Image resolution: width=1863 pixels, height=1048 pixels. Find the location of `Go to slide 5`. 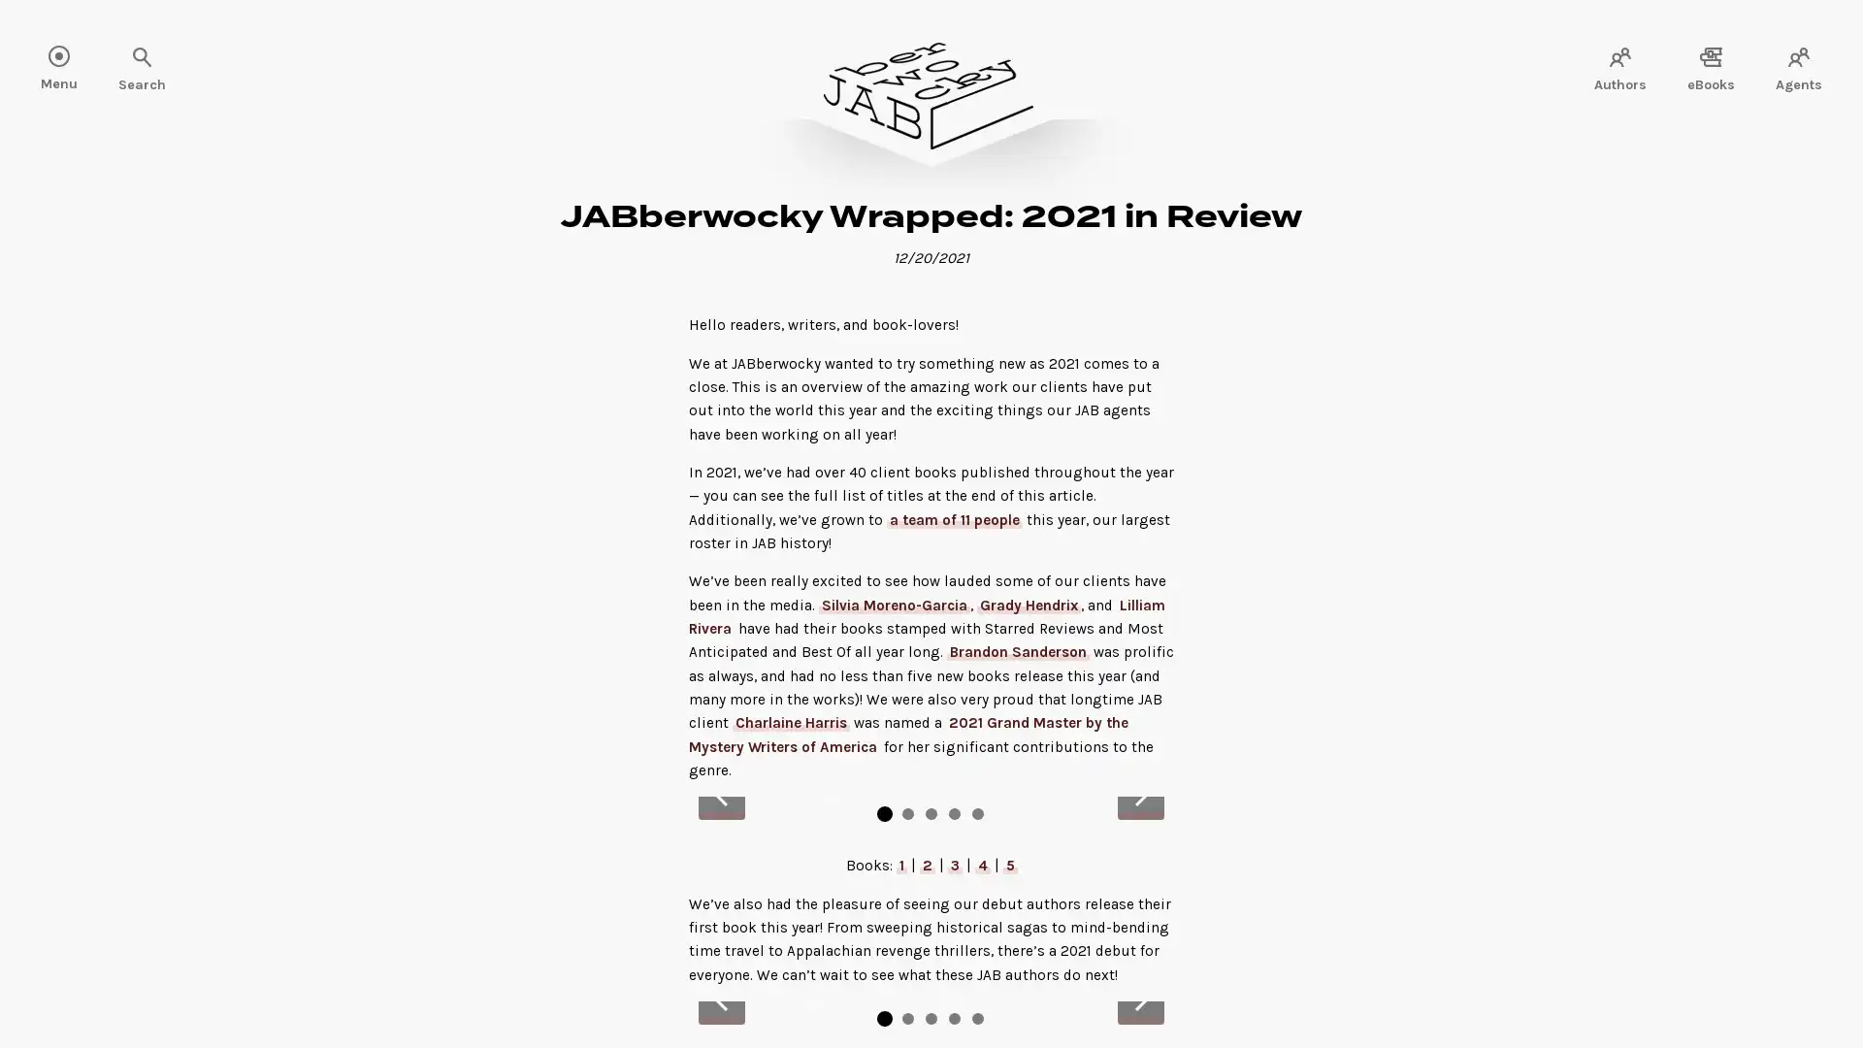

Go to slide 5 is located at coordinates (978, 1017).